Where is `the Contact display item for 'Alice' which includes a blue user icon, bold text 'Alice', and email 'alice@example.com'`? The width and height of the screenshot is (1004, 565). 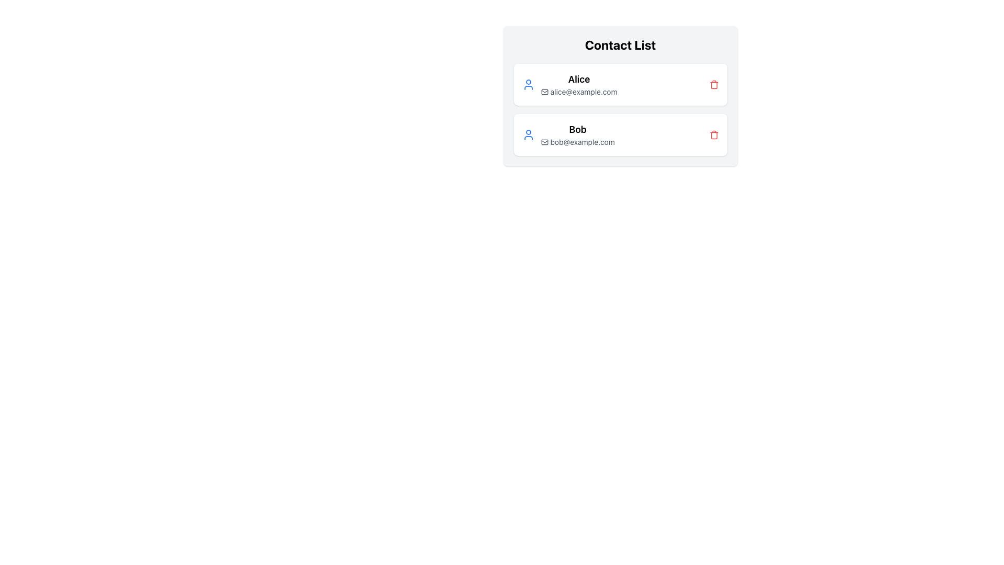
the Contact display item for 'Alice' which includes a blue user icon, bold text 'Alice', and email 'alice@example.com' is located at coordinates (569, 84).